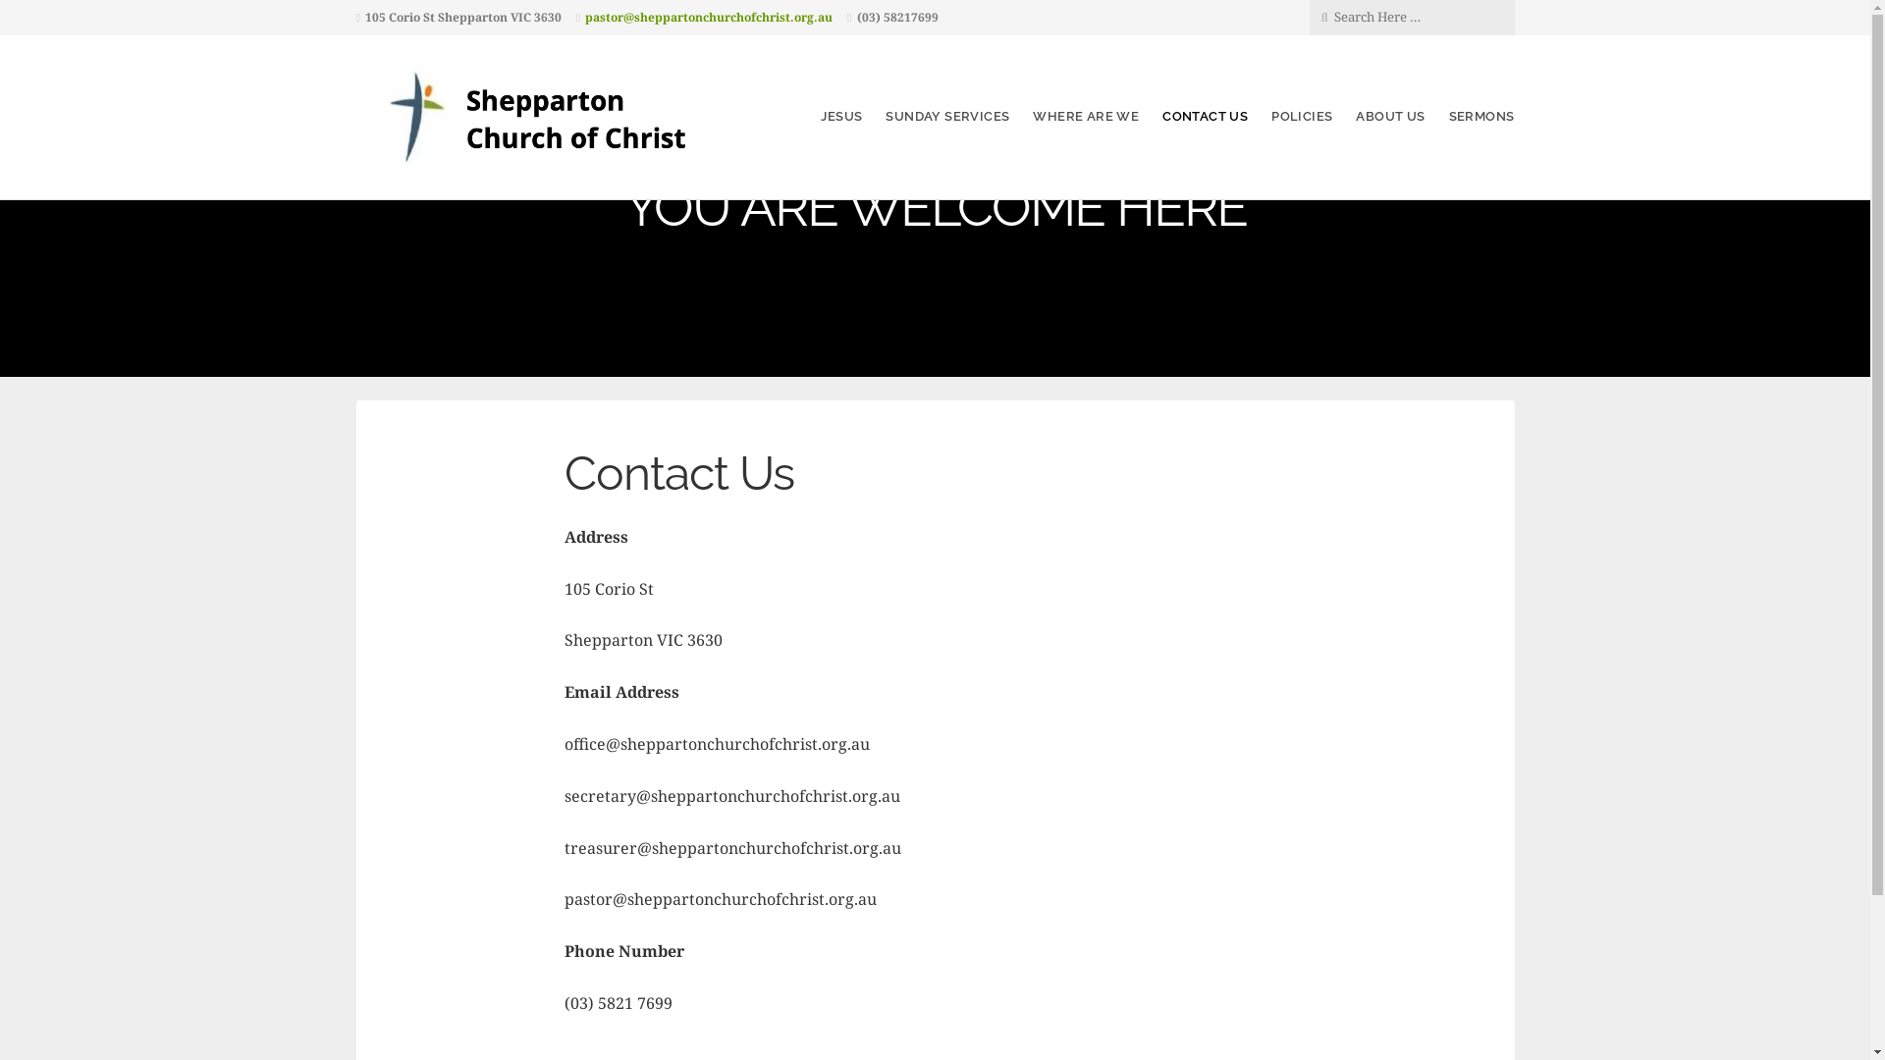 This screenshot has width=1885, height=1060. What do you see at coordinates (1204, 116) in the screenshot?
I see `'CONTACT US'` at bounding box center [1204, 116].